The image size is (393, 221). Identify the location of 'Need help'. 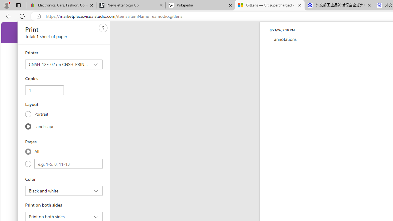
(103, 28).